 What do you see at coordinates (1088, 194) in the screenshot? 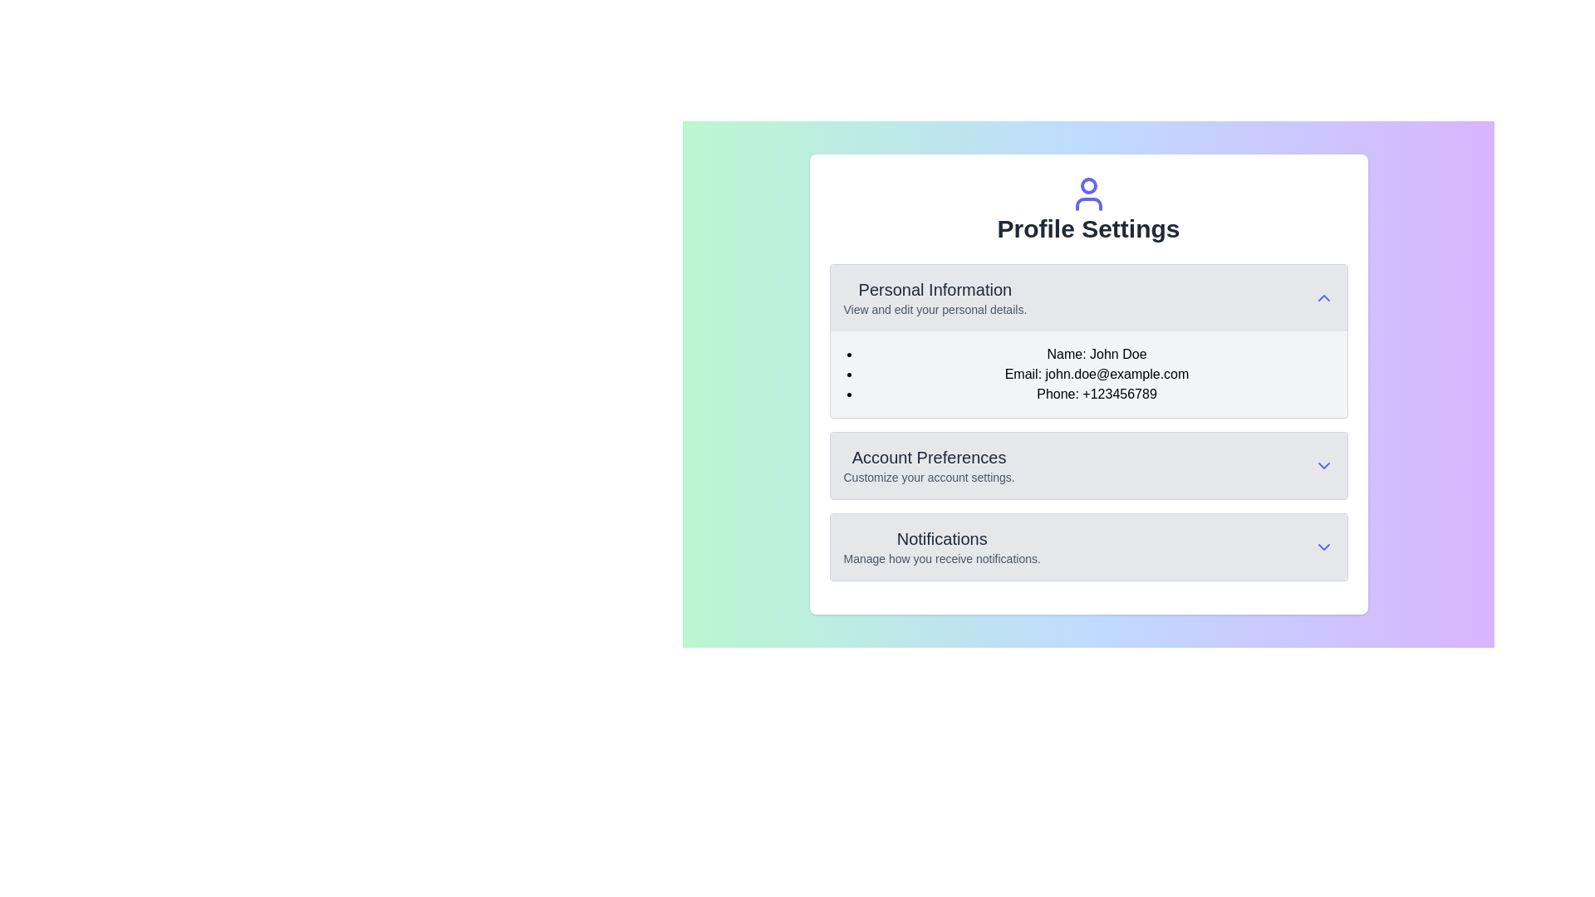
I see `the indigo circular user profile icon located at the top center of the 'Profile Settings' section` at bounding box center [1088, 194].